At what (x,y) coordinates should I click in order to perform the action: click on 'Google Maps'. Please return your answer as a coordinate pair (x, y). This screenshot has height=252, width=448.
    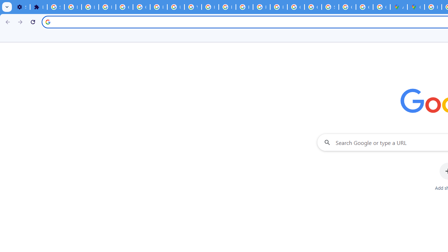
    Looking at the image, I should click on (416, 7).